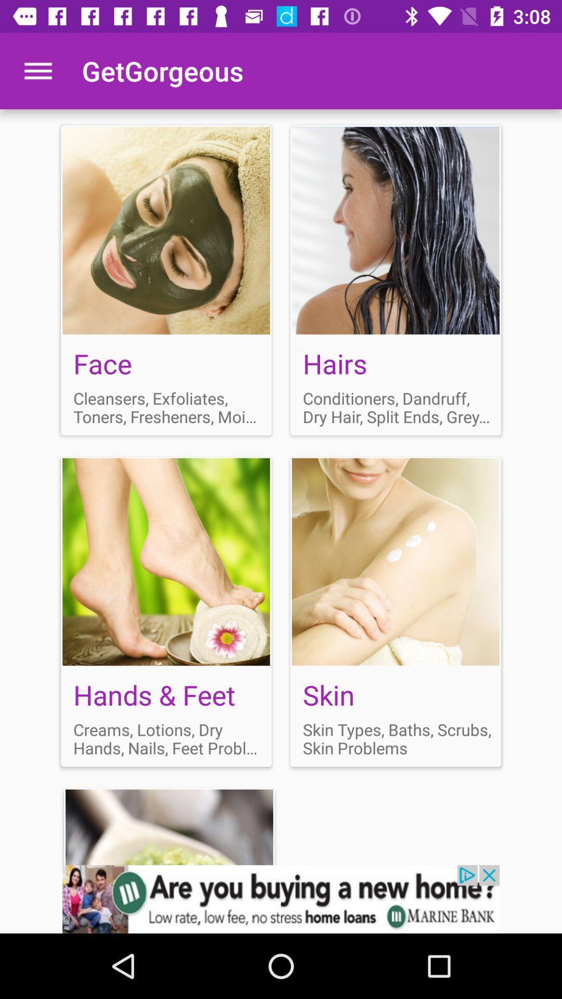 This screenshot has height=999, width=562. What do you see at coordinates (165, 280) in the screenshot?
I see `face section` at bounding box center [165, 280].